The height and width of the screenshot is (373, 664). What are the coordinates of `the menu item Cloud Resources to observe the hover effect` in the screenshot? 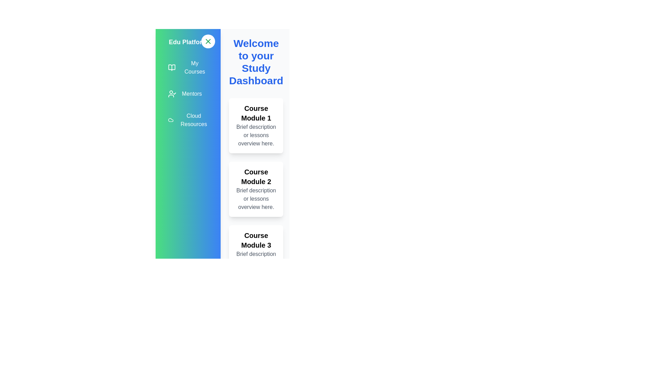 It's located at (188, 119).